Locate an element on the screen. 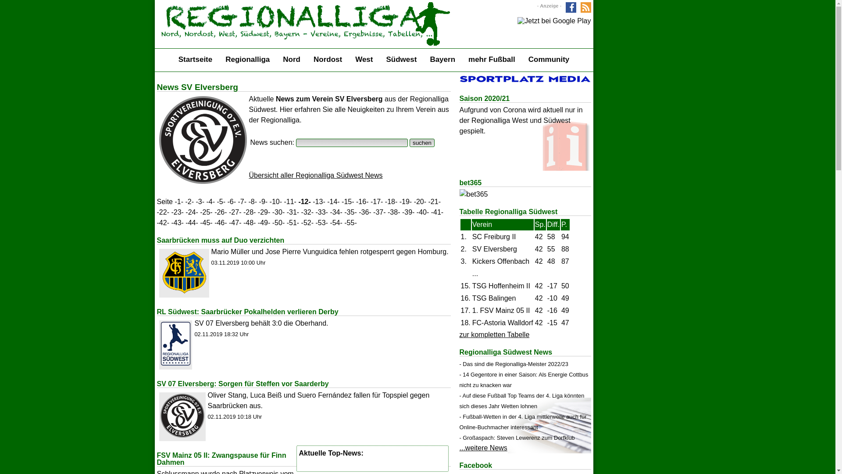  '-5-' is located at coordinates (221, 201).